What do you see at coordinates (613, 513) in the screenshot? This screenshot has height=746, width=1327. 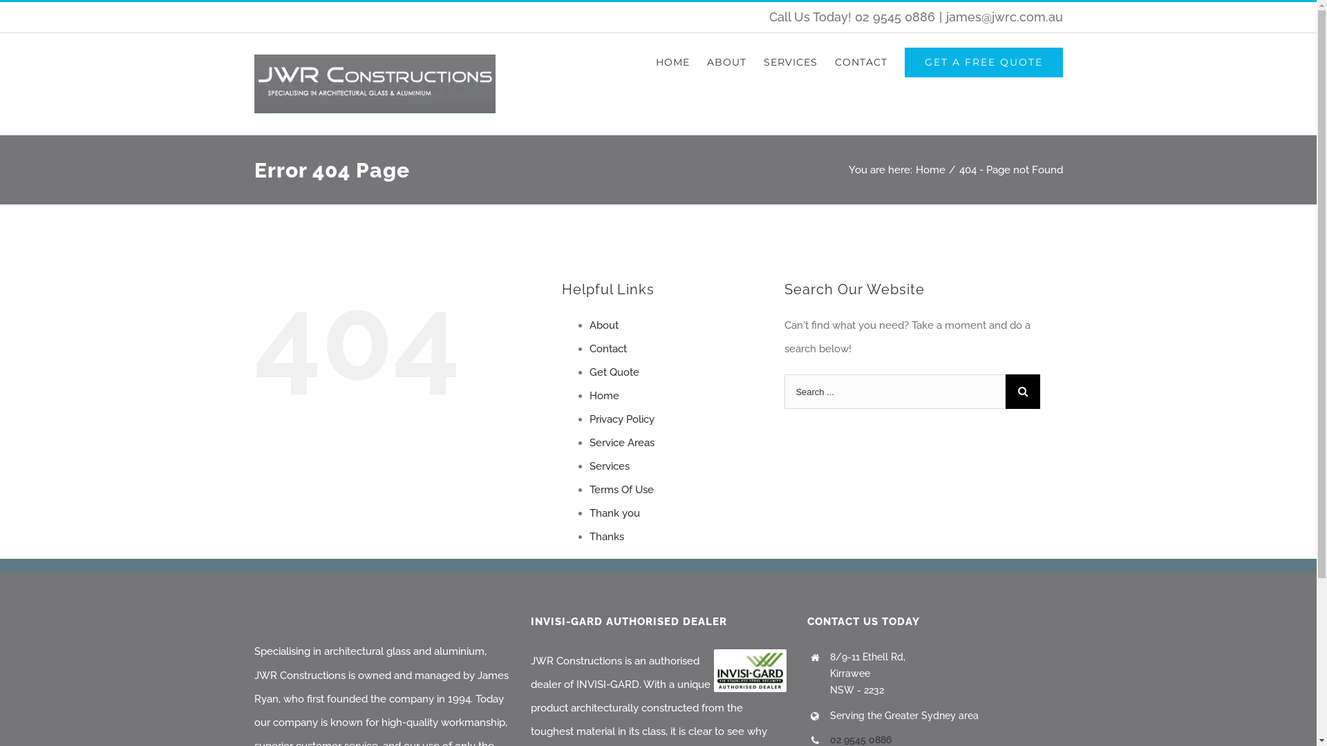 I see `'Thank you'` at bounding box center [613, 513].